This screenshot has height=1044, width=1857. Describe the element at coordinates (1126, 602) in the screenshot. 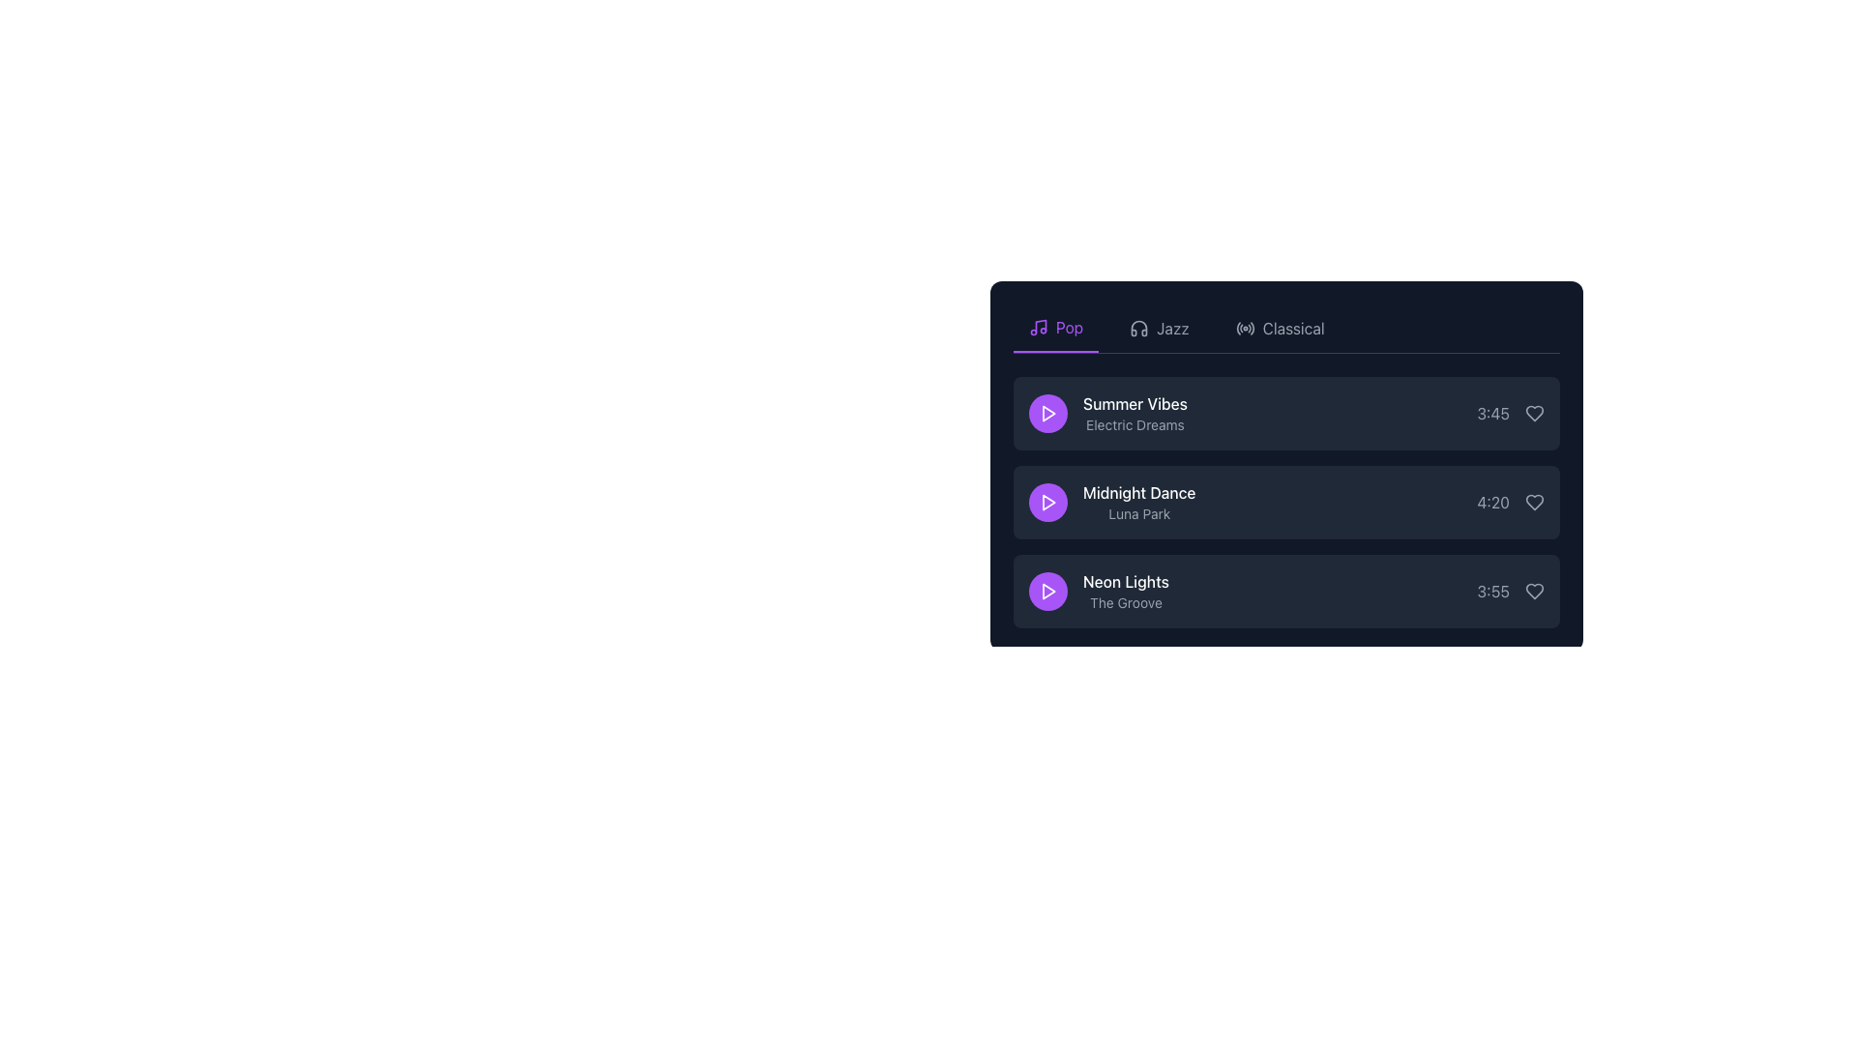

I see `the subtitle text label located directly below 'Neon Lights' in the music playlist interface` at that location.